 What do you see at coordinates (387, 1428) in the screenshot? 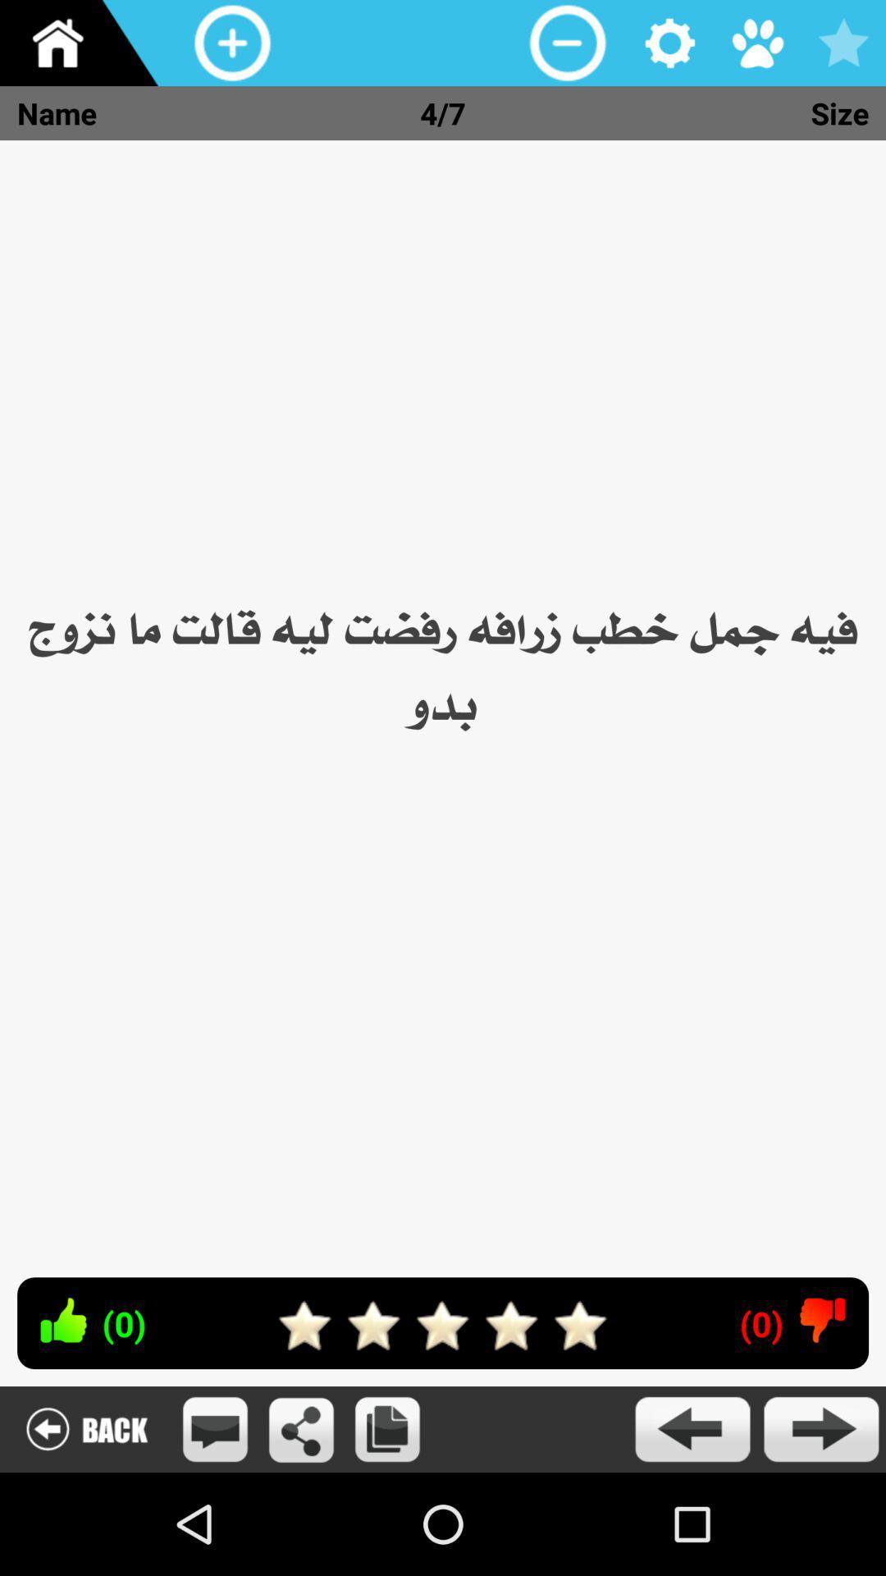
I see `copy image` at bounding box center [387, 1428].